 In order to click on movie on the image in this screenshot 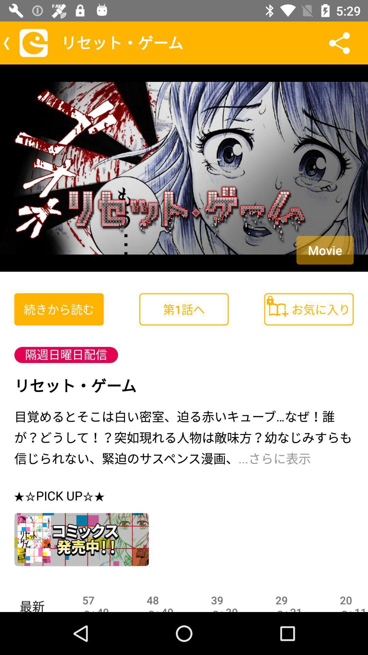, I will do `click(324, 250)`.